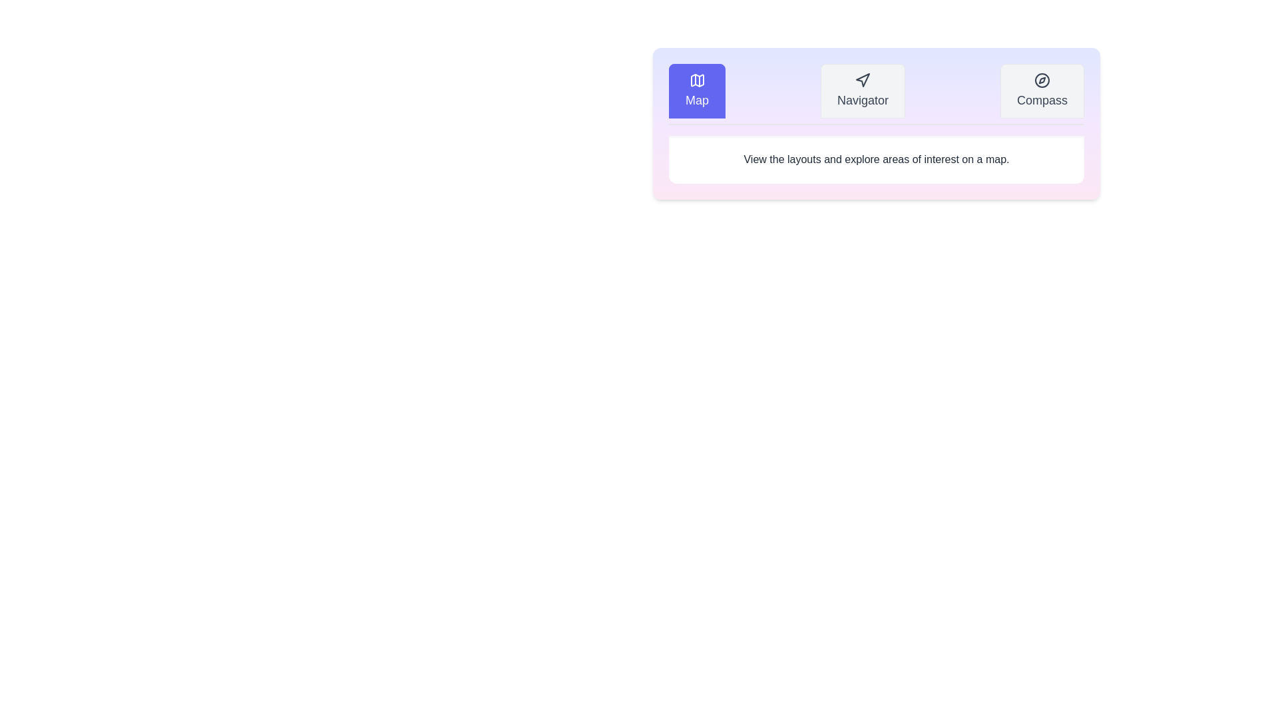 This screenshot has height=719, width=1278. What do you see at coordinates (1040, 91) in the screenshot?
I see `the tab Compass to observe its hover effect` at bounding box center [1040, 91].